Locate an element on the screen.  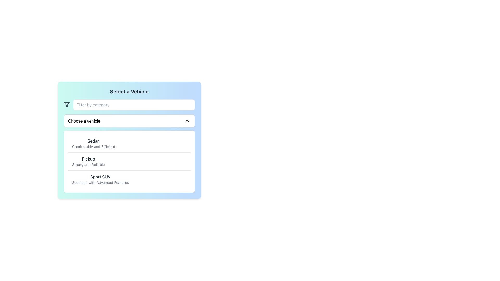
the first list item representing the 'Sedan' option in the vehicle dropdown menu is located at coordinates (93, 143).